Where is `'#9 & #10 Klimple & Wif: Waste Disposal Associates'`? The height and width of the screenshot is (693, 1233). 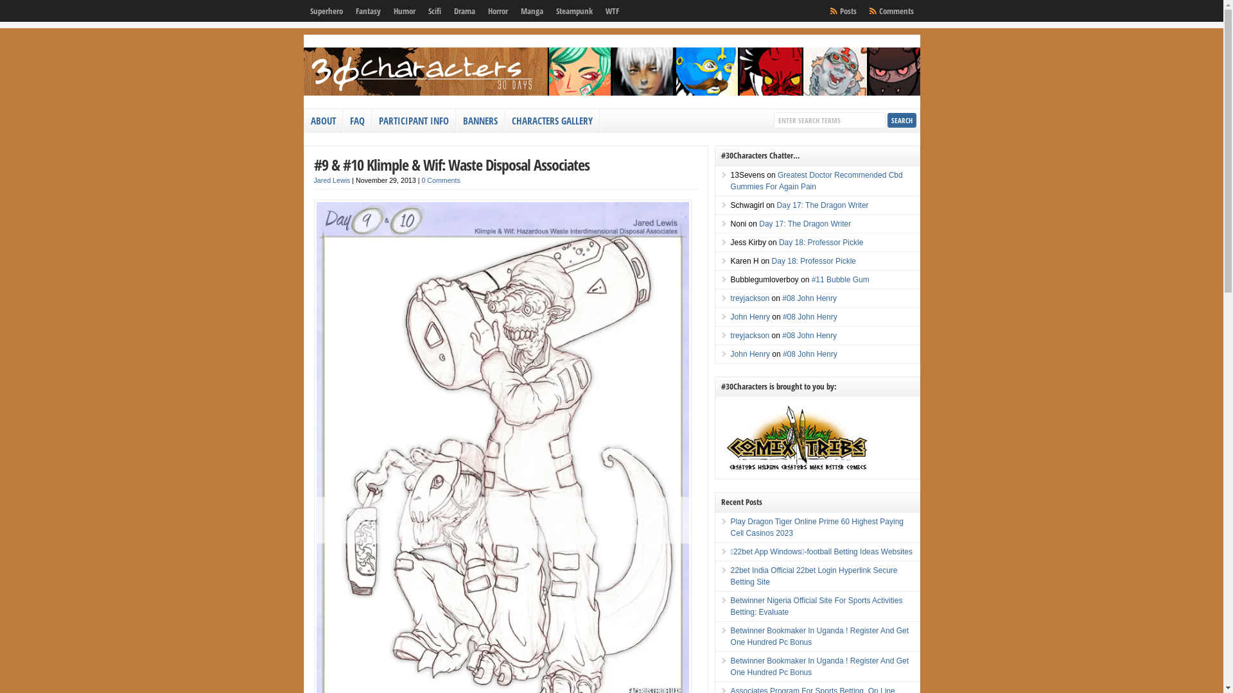 '#9 & #10 Klimple & Wif: Waste Disposal Associates' is located at coordinates (451, 164).